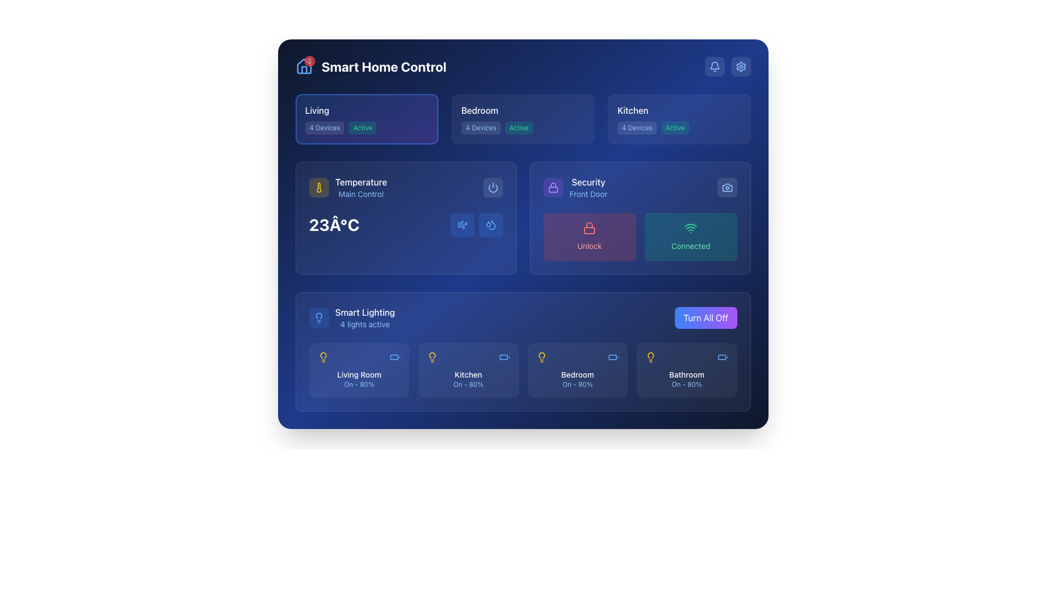  What do you see at coordinates (492, 187) in the screenshot?
I see `the power toggle button located in the top-right corner of the 'Temperature' section for interaction feedback` at bounding box center [492, 187].